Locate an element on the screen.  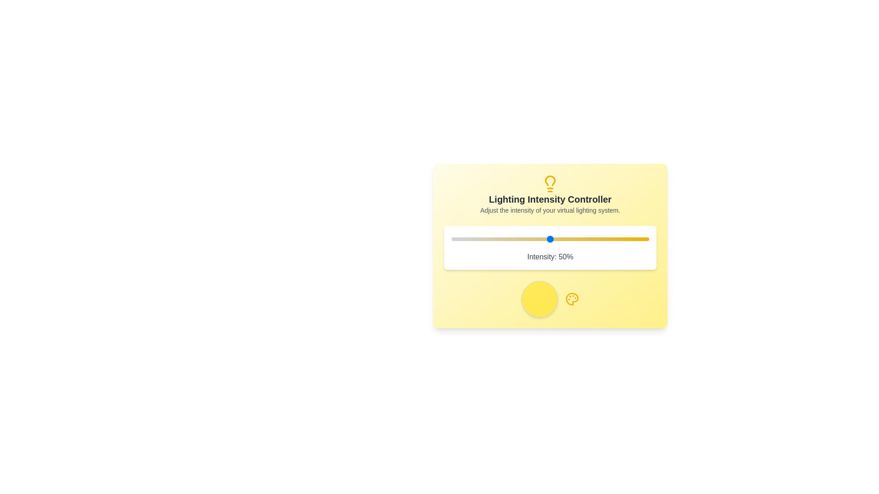
the lighting intensity to 80% by interacting with the slider is located at coordinates (609, 239).